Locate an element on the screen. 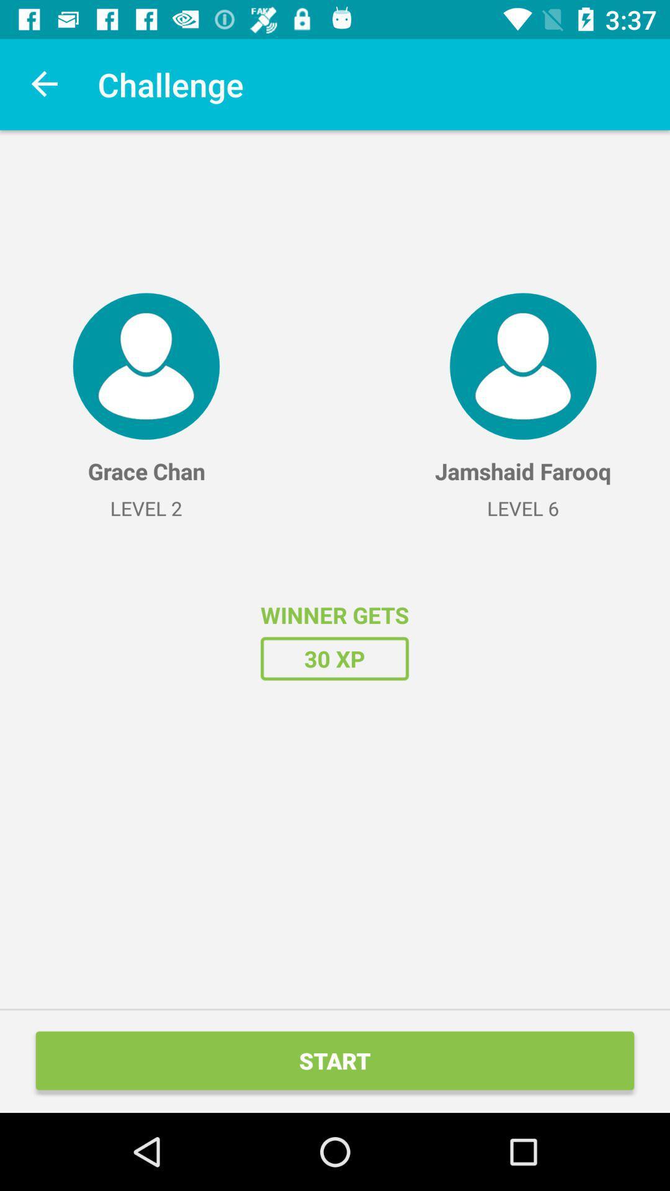  user badge is located at coordinates (145, 365).